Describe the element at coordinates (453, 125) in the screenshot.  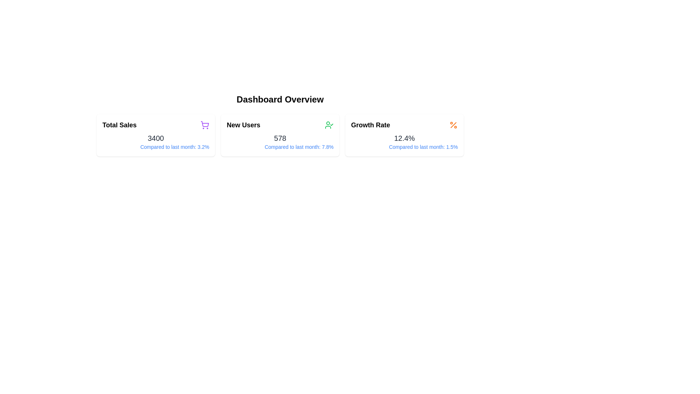
I see `the orange percentage symbol (%) icon located in the 'Growth Rate' section of the dashboard, which is positioned to the right of the 'Growth Rate' text and appears in the third card` at that location.